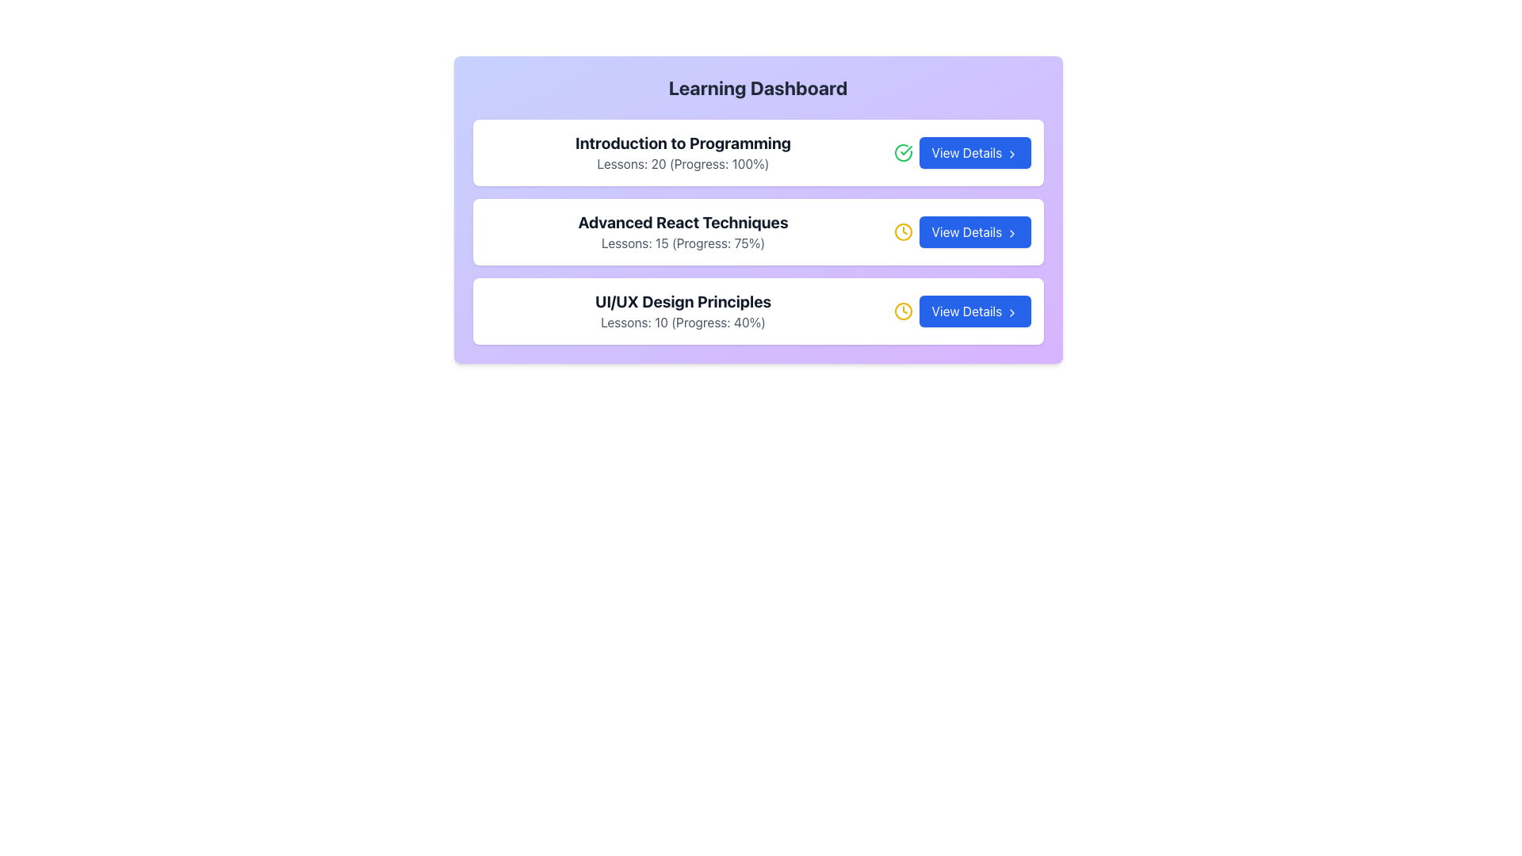  What do you see at coordinates (905, 150) in the screenshot?
I see `the green checkmark icon within the circular icon that indicates a completed status, located to the left of the 'View Details' button in the topmost item of the course list` at bounding box center [905, 150].